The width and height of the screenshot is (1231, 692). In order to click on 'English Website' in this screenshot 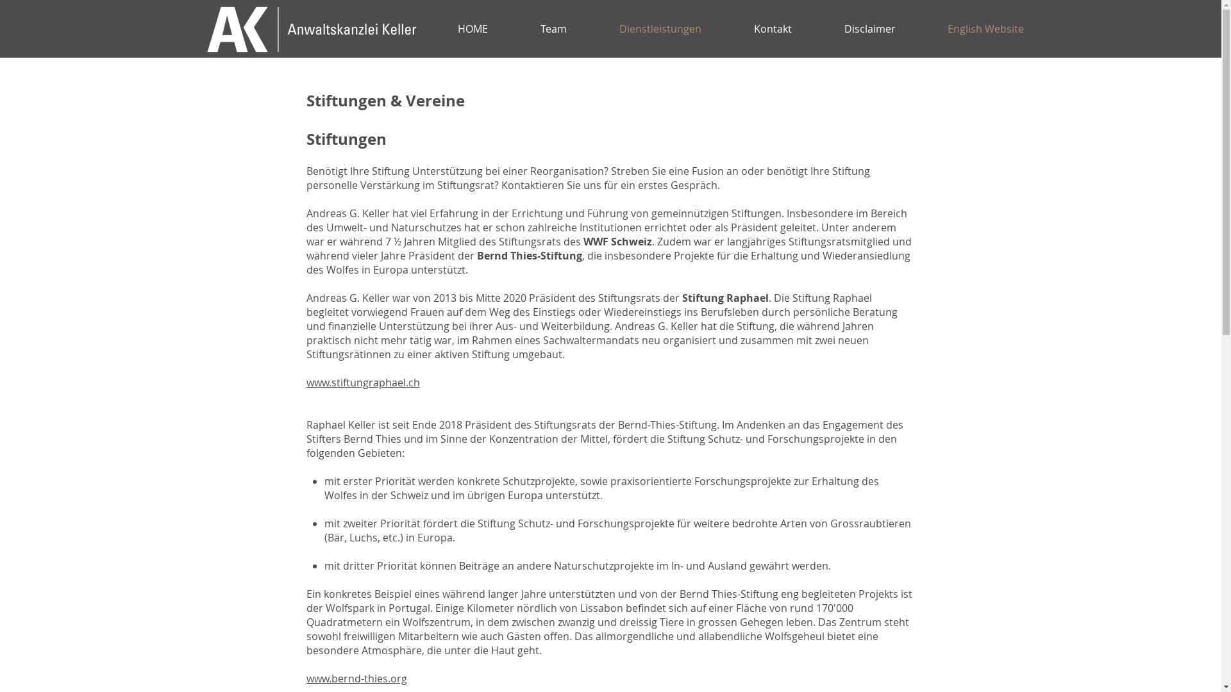, I will do `click(984, 29)`.